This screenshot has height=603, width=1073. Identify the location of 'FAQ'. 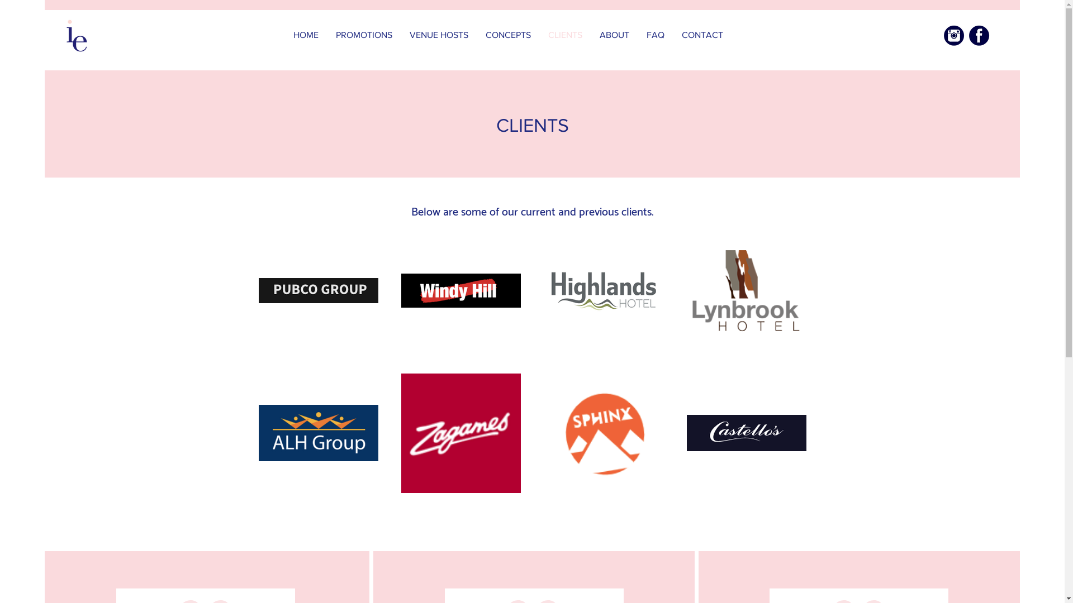
(656, 34).